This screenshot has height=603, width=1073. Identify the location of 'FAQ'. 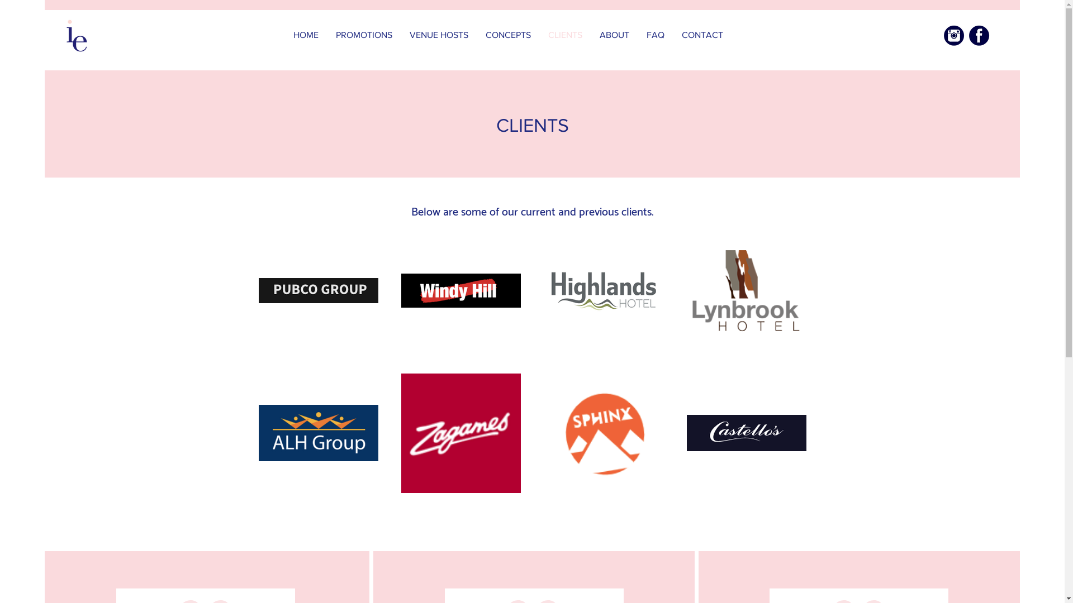
(656, 34).